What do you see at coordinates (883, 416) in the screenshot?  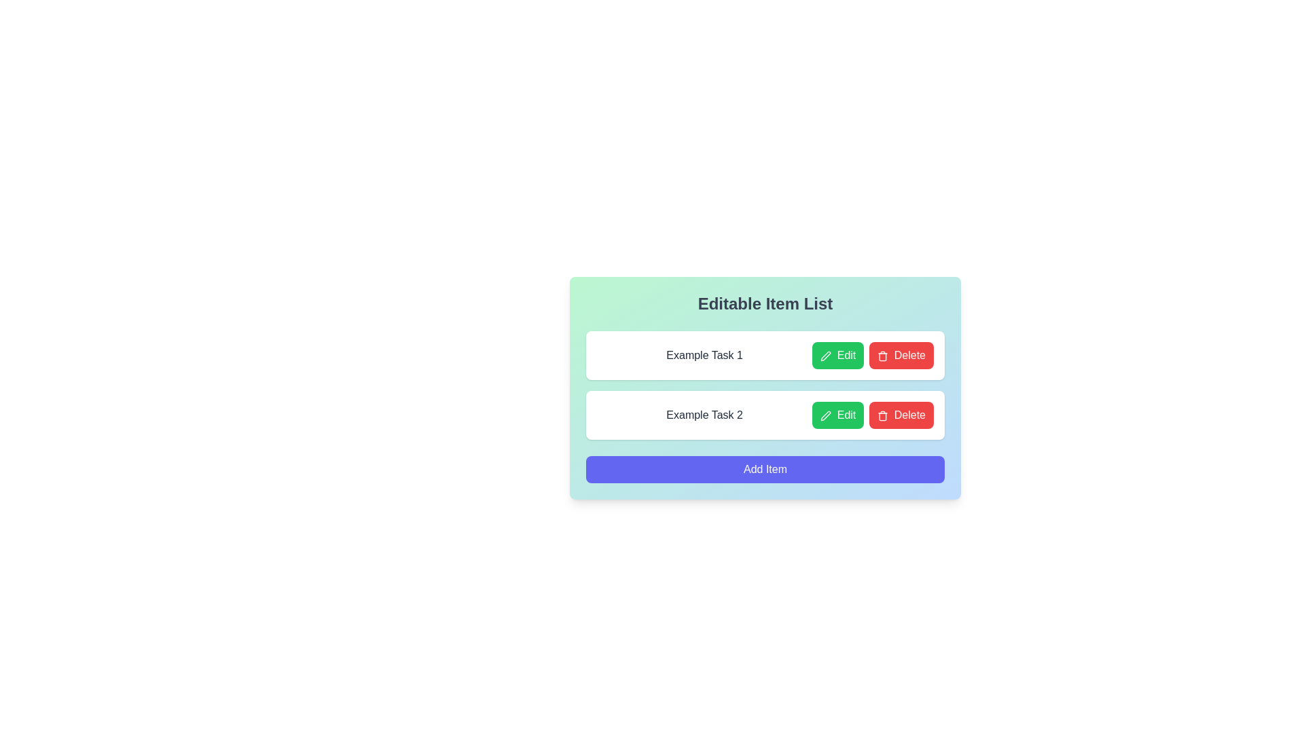 I see `the graphical representation of the trash can icon used for delete action, located within the delete button on the right side of the second item in the editable item list` at bounding box center [883, 416].